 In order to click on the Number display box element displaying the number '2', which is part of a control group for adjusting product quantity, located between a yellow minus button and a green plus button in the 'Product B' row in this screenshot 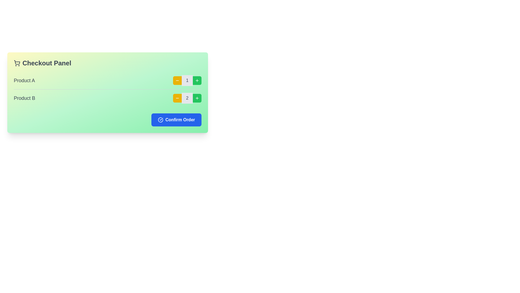, I will do `click(187, 98)`.